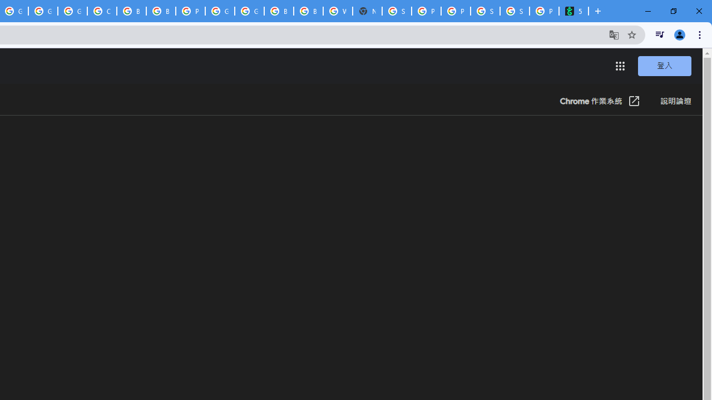  Describe the element at coordinates (698, 11) in the screenshot. I see `'Close'` at that location.